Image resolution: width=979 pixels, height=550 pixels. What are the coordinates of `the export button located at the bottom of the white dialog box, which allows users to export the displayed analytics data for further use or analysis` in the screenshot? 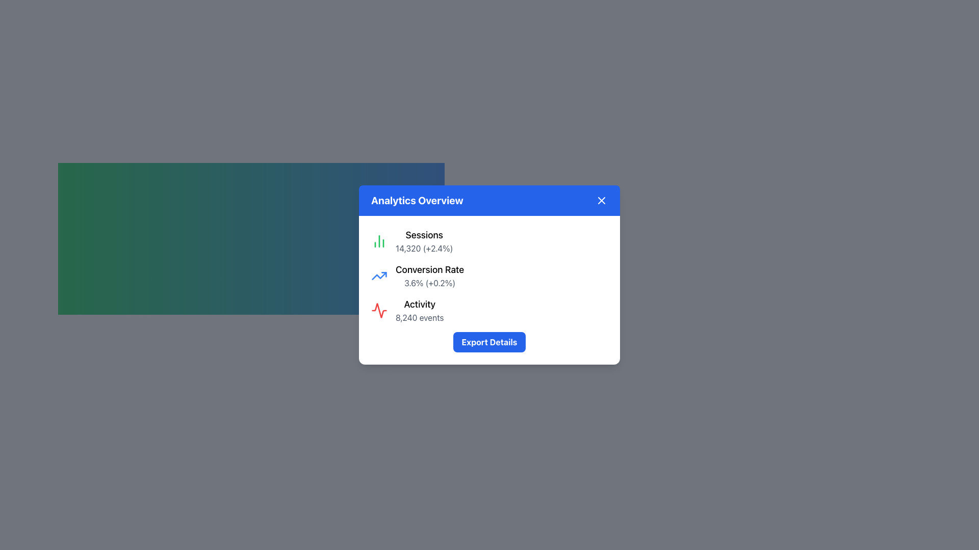 It's located at (489, 342).